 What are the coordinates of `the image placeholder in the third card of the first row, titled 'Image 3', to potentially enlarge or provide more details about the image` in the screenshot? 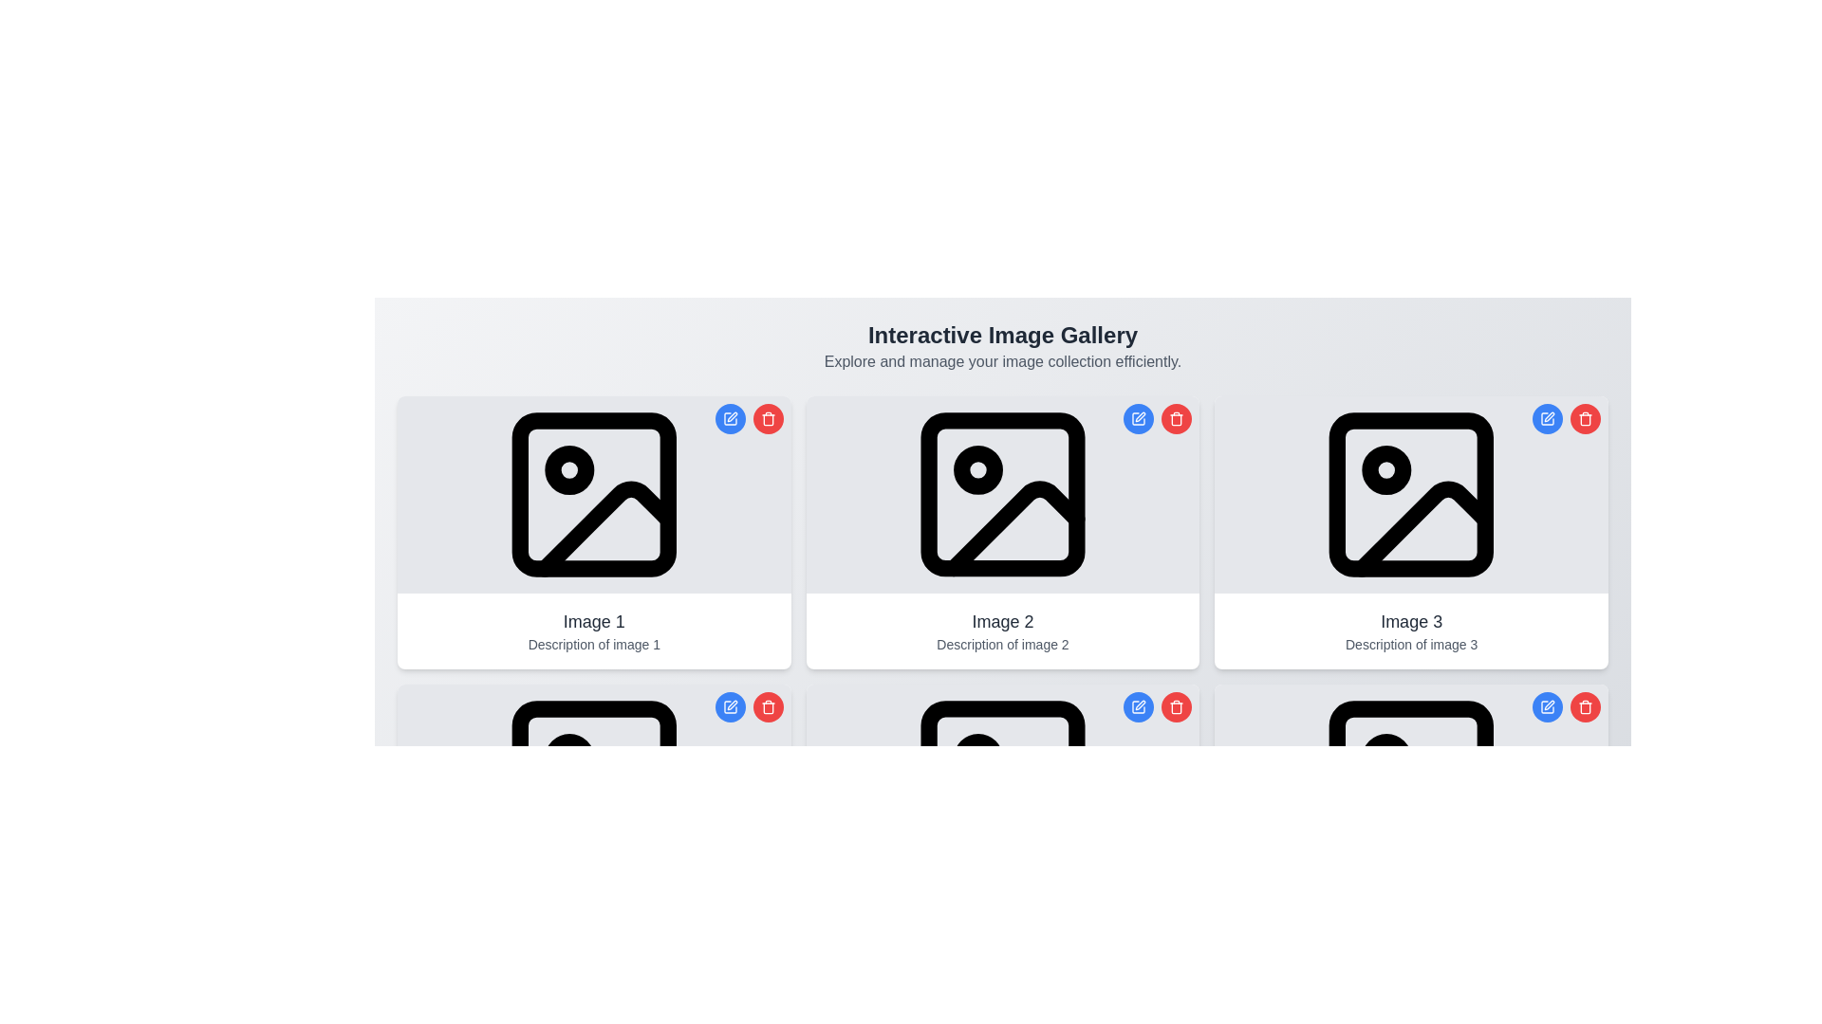 It's located at (1411, 493).